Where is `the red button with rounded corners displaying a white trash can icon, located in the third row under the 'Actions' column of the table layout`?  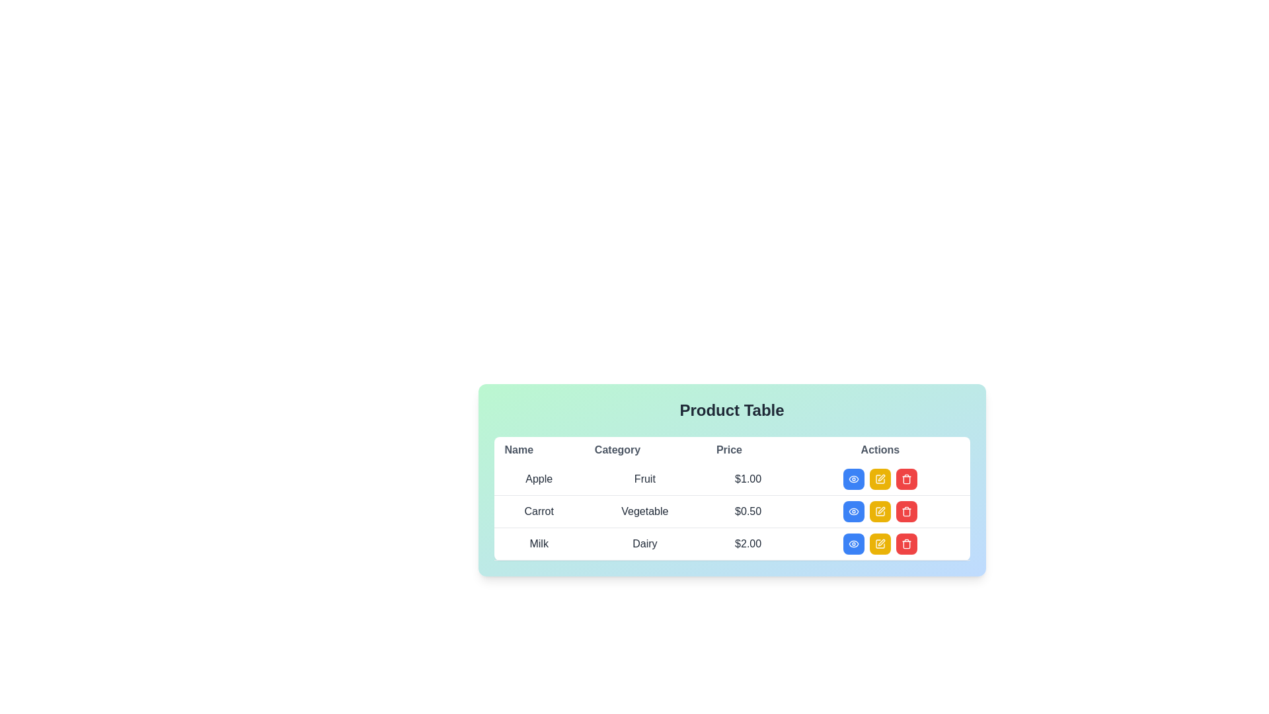
the red button with rounded corners displaying a white trash can icon, located in the third row under the 'Actions' column of the table layout is located at coordinates (905, 543).